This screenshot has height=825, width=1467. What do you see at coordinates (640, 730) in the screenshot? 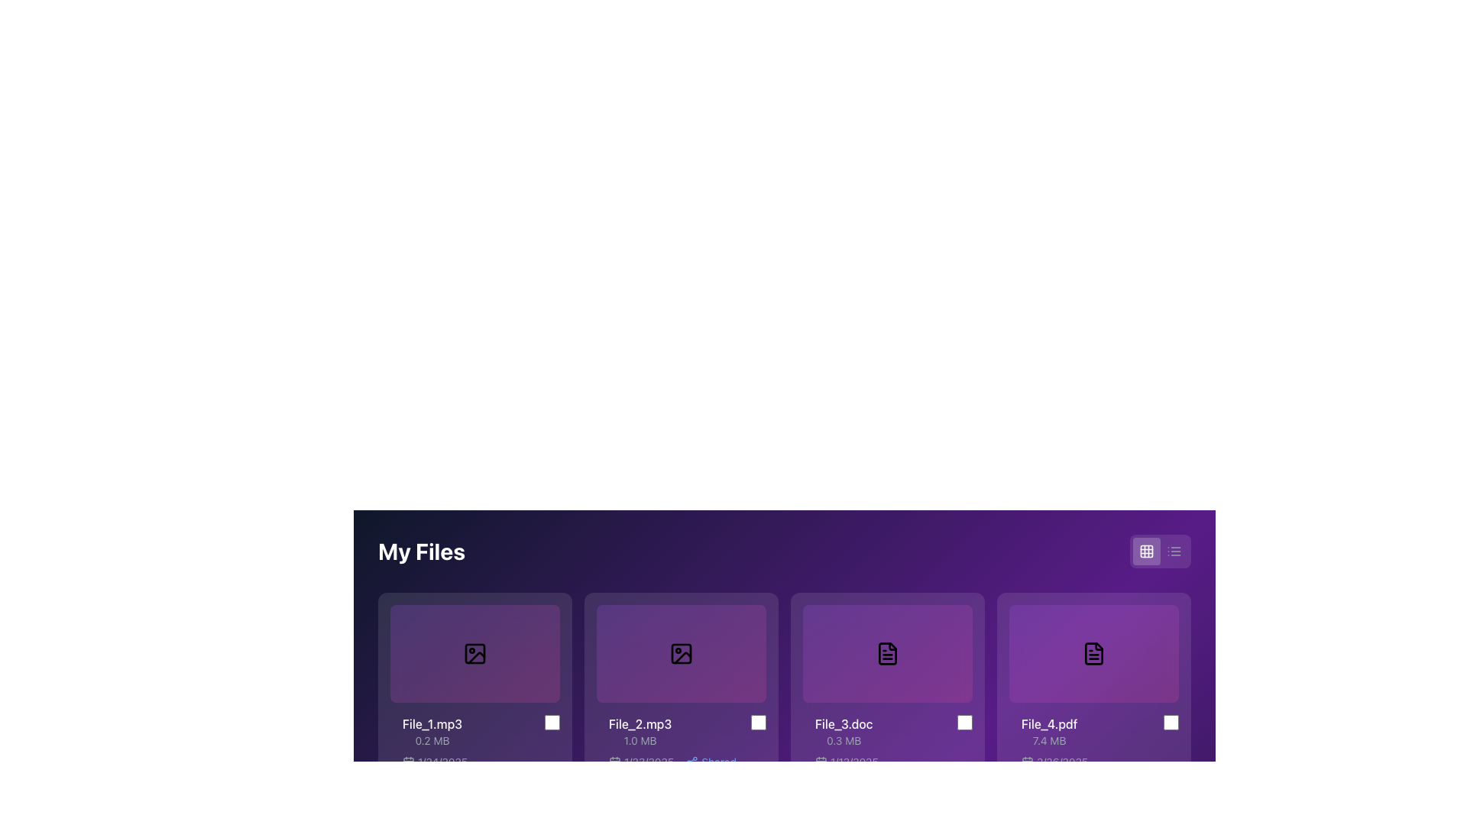
I see `the text label displaying the filename 'File_2.mp3' in white and size '1.0 MB' in gray, located under the 'My Files' section` at bounding box center [640, 730].